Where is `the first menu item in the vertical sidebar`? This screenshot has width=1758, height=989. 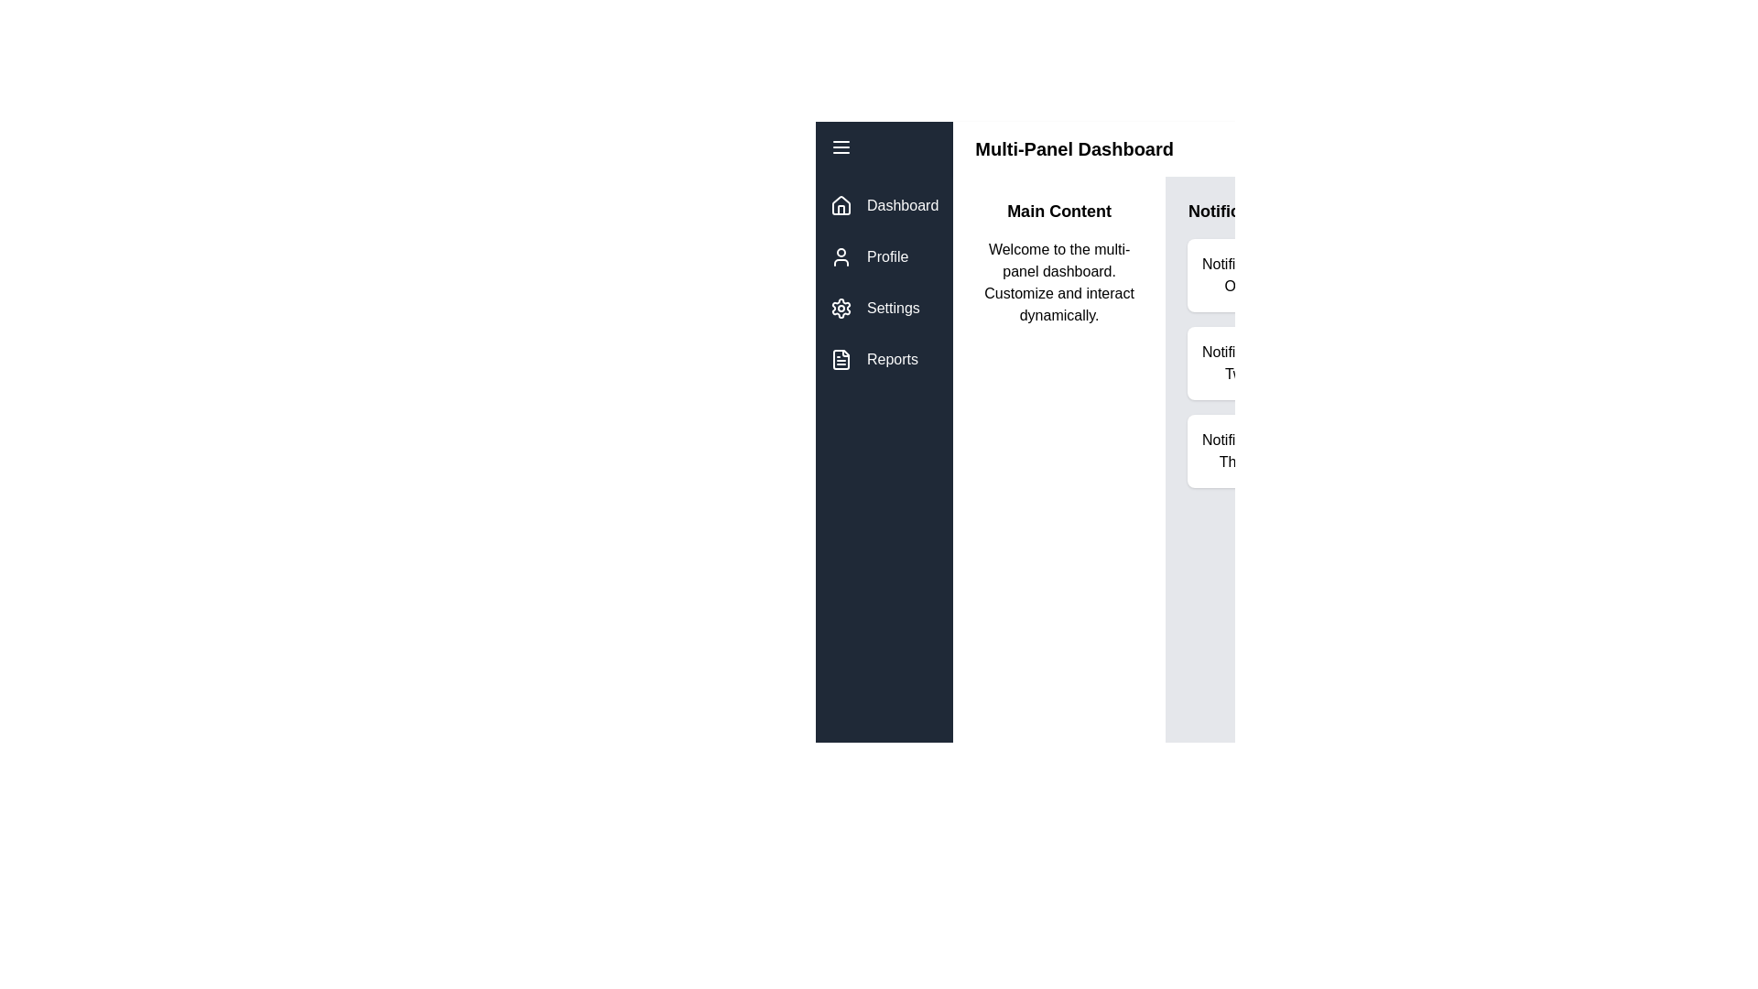
the first menu item in the vertical sidebar is located at coordinates (884, 205).